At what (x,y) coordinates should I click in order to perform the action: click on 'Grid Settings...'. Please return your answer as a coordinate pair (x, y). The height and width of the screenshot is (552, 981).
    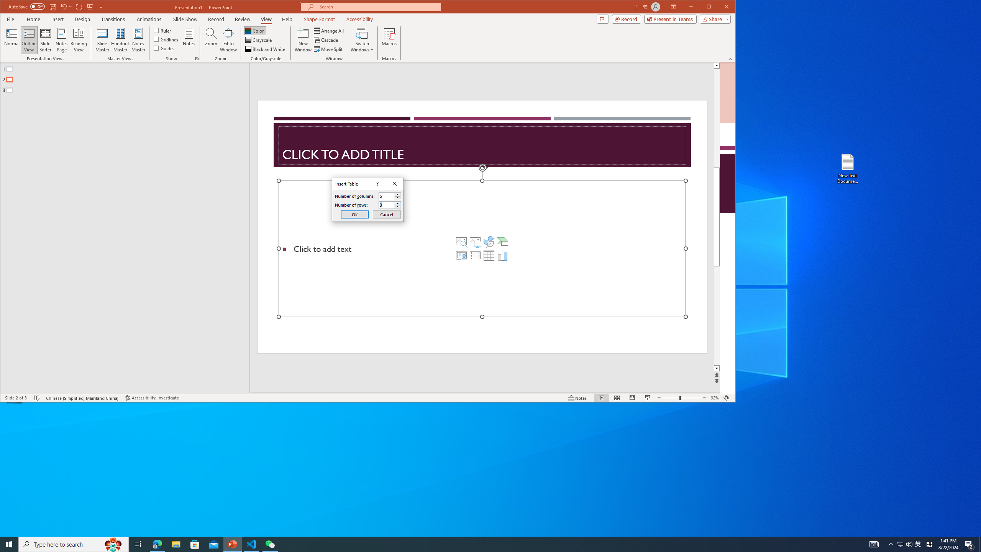
    Looking at the image, I should click on (197, 59).